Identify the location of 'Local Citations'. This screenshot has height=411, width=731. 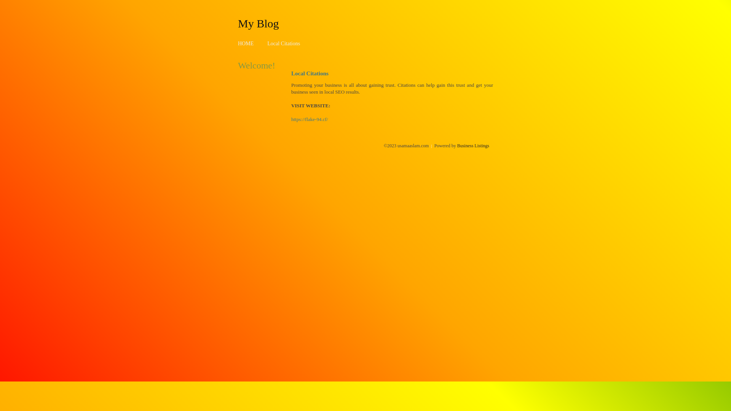
(267, 43).